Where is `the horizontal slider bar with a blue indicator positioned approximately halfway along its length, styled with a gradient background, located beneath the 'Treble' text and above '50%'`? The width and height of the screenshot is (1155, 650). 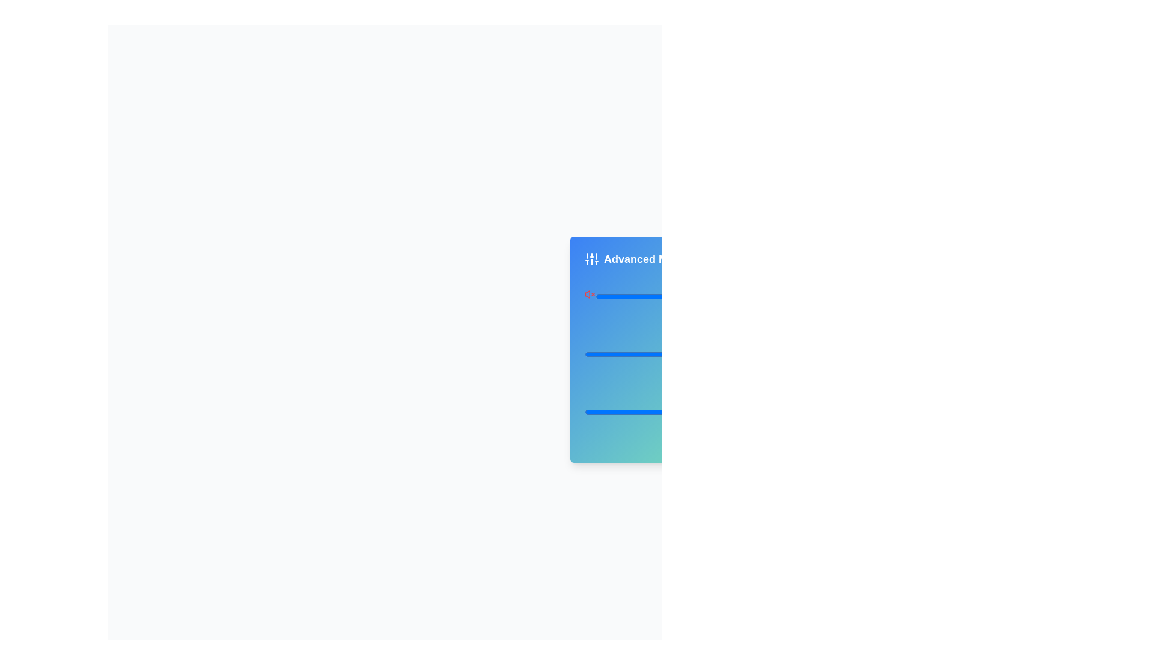
the horizontal slider bar with a blue indicator positioned approximately halfway along its length, styled with a gradient background, located beneath the 'Treble' text and above '50%' is located at coordinates (686, 409).